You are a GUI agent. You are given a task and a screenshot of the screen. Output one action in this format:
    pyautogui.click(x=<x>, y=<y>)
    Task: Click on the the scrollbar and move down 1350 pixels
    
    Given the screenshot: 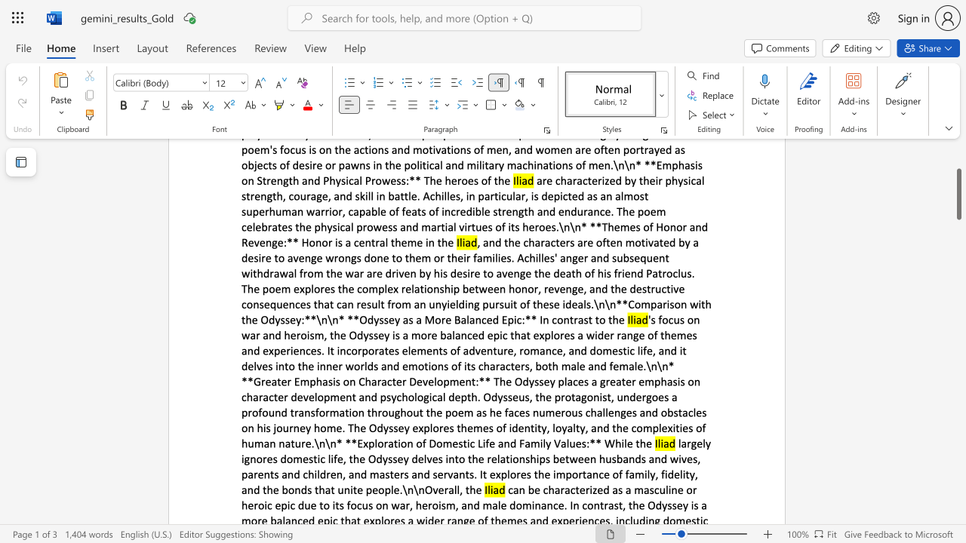 What is the action you would take?
    pyautogui.click(x=958, y=193)
    